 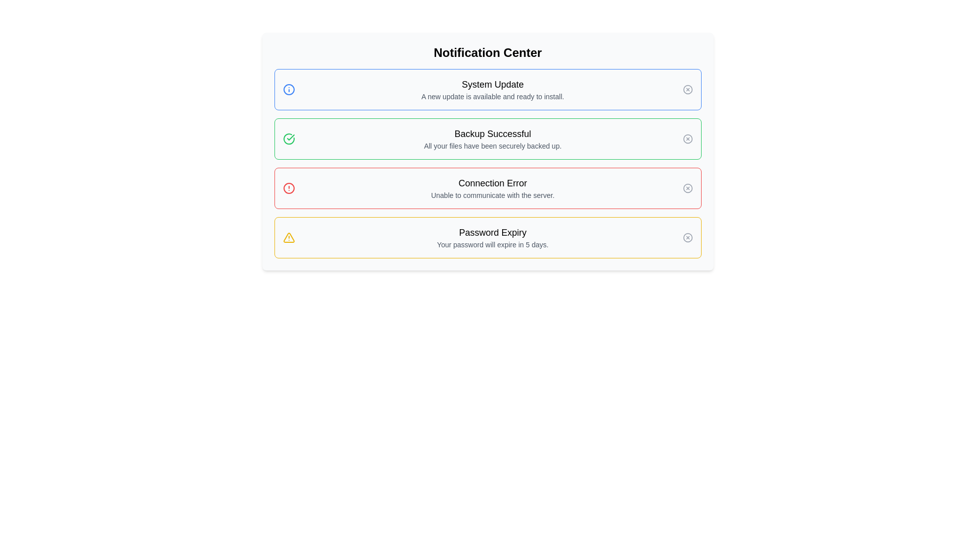 What do you see at coordinates (687, 139) in the screenshot?
I see `the SVG Circle icon representing the close action in the third notification card titled 'Backup Successful' within the Notification Center` at bounding box center [687, 139].